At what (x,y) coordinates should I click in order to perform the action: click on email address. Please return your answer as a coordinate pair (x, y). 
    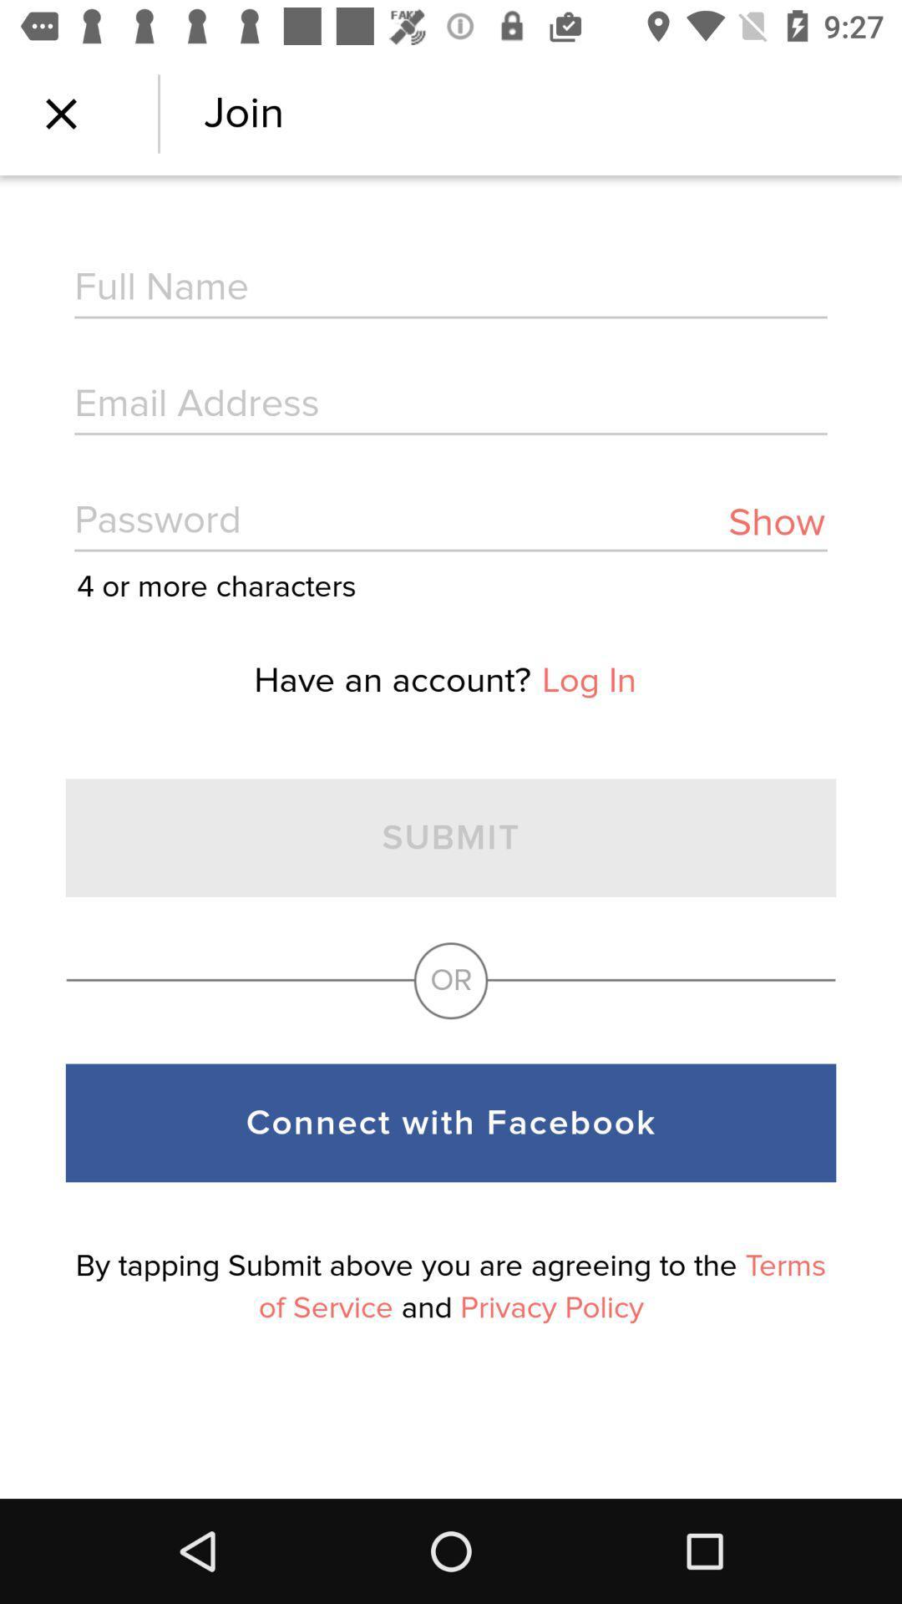
    Looking at the image, I should click on (451, 405).